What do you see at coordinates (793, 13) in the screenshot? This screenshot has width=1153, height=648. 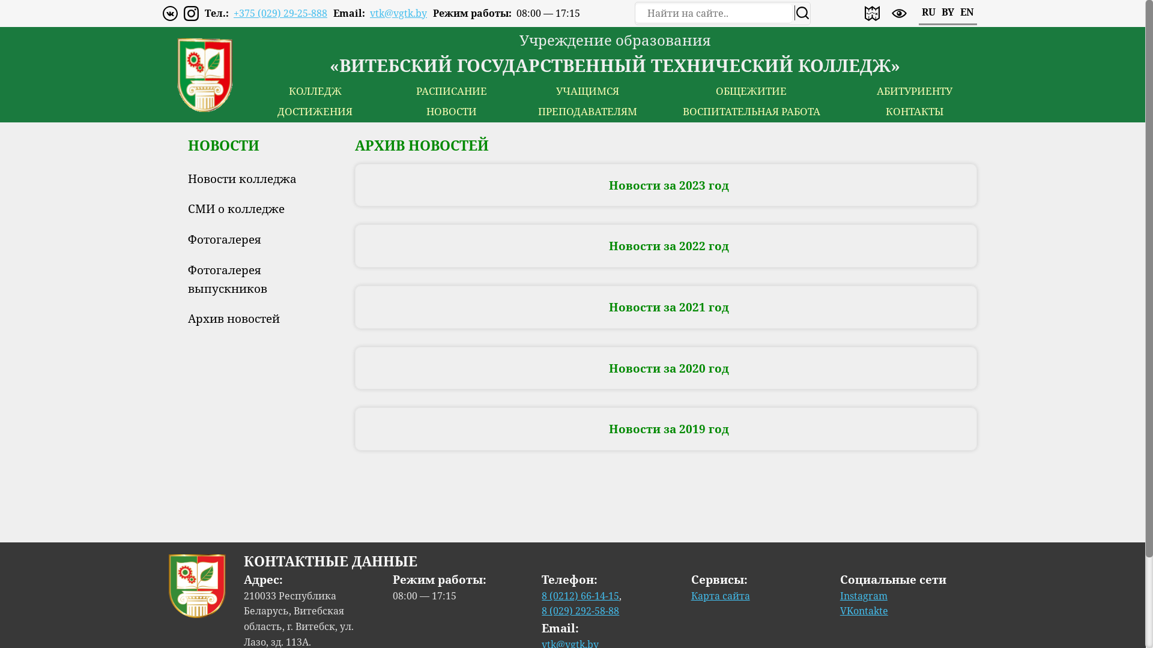 I see `'search'` at bounding box center [793, 13].